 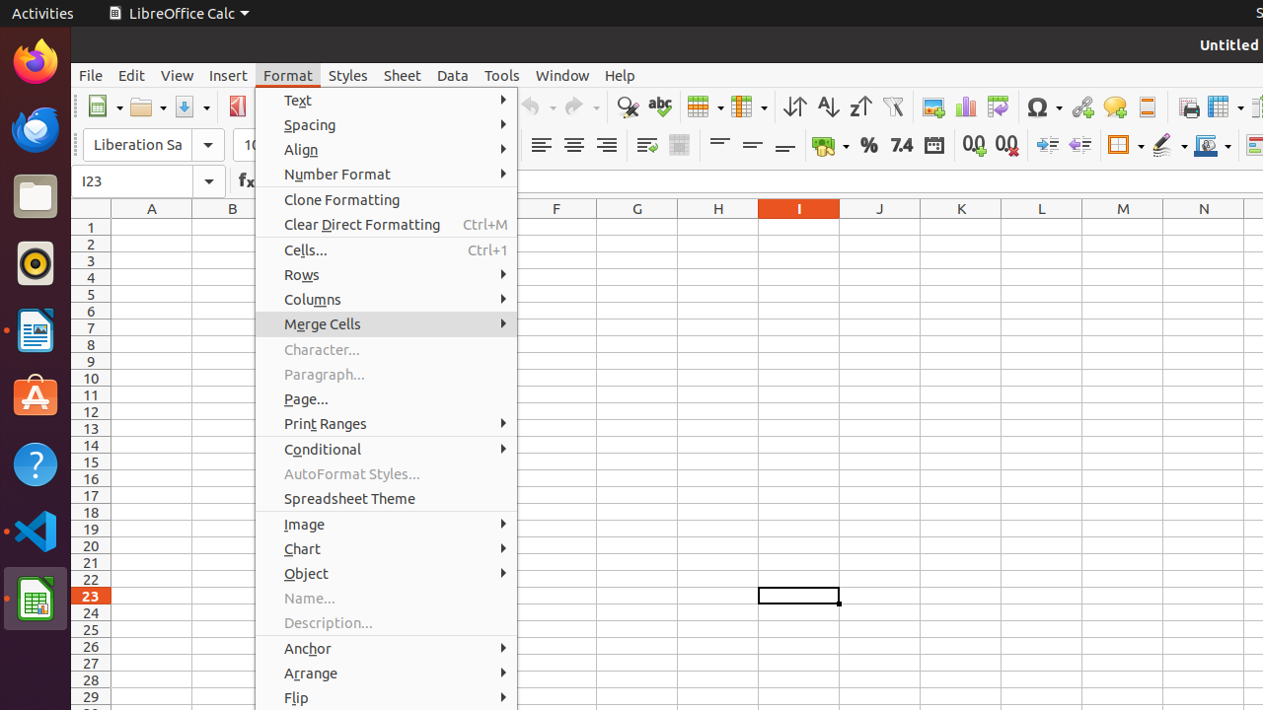 What do you see at coordinates (90, 74) in the screenshot?
I see `'File'` at bounding box center [90, 74].